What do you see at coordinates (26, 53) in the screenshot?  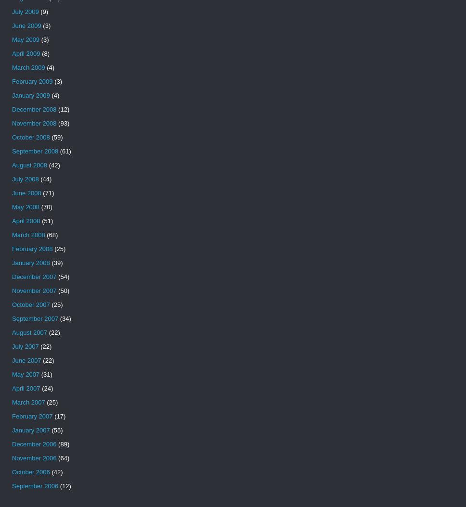 I see `'April 2009'` at bounding box center [26, 53].